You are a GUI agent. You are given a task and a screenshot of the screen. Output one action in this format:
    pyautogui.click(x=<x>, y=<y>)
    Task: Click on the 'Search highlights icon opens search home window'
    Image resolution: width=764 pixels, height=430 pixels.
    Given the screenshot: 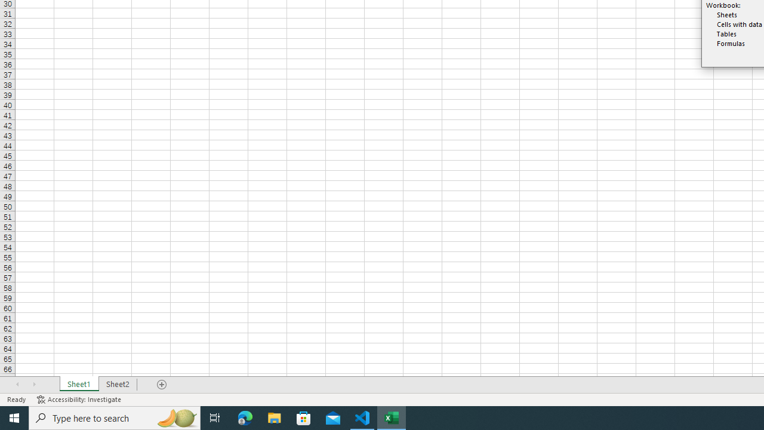 What is the action you would take?
    pyautogui.click(x=175, y=417)
    